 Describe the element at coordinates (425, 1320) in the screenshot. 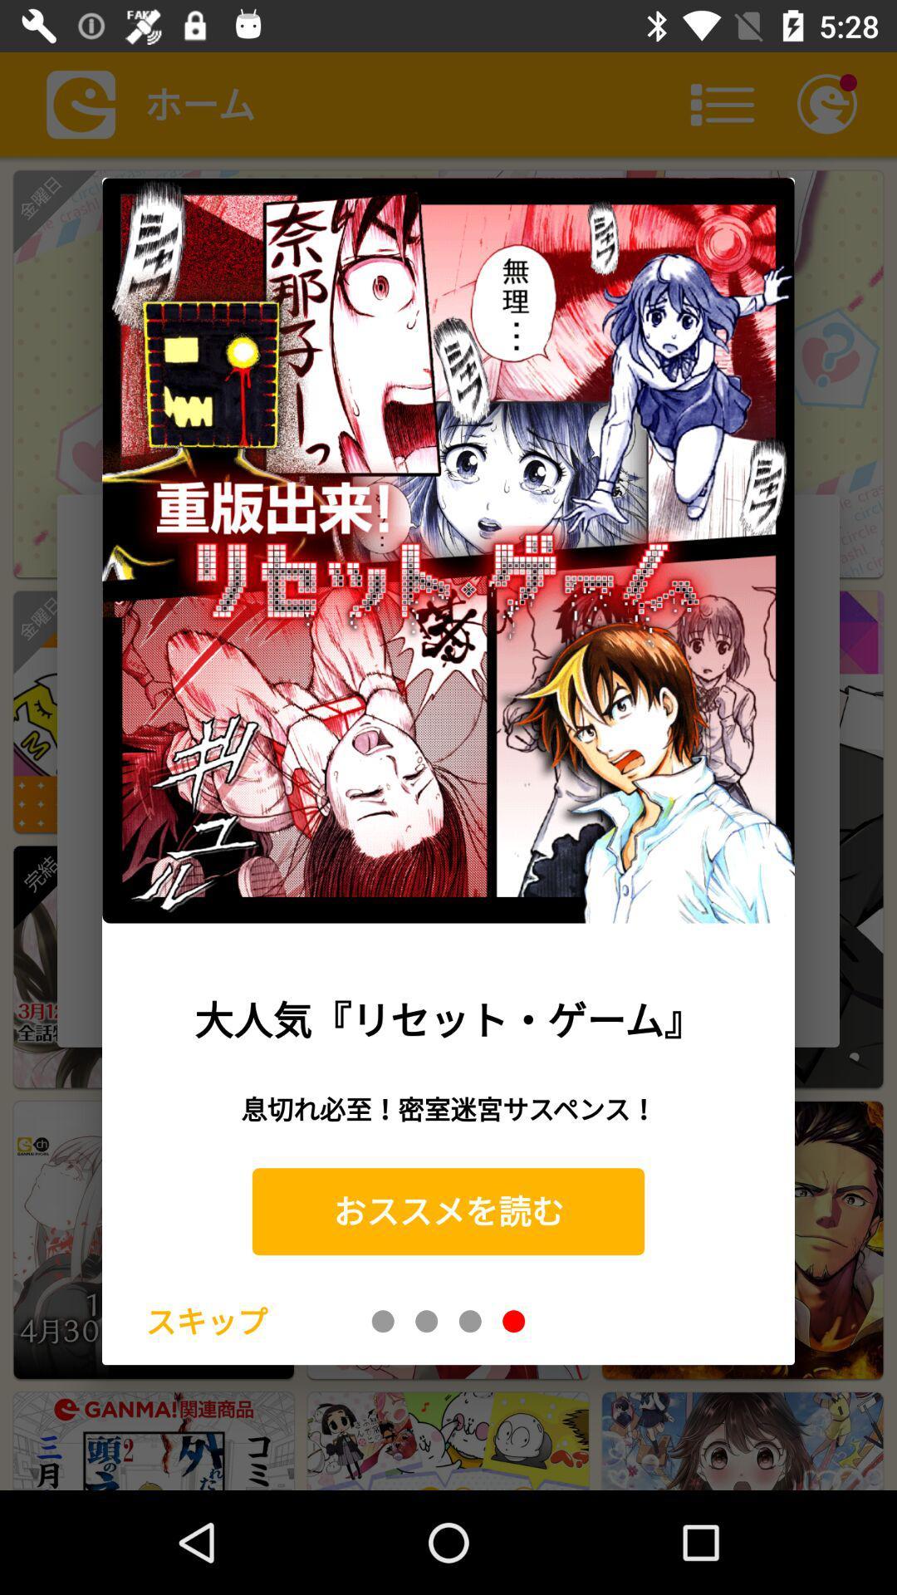

I see `window two` at that location.